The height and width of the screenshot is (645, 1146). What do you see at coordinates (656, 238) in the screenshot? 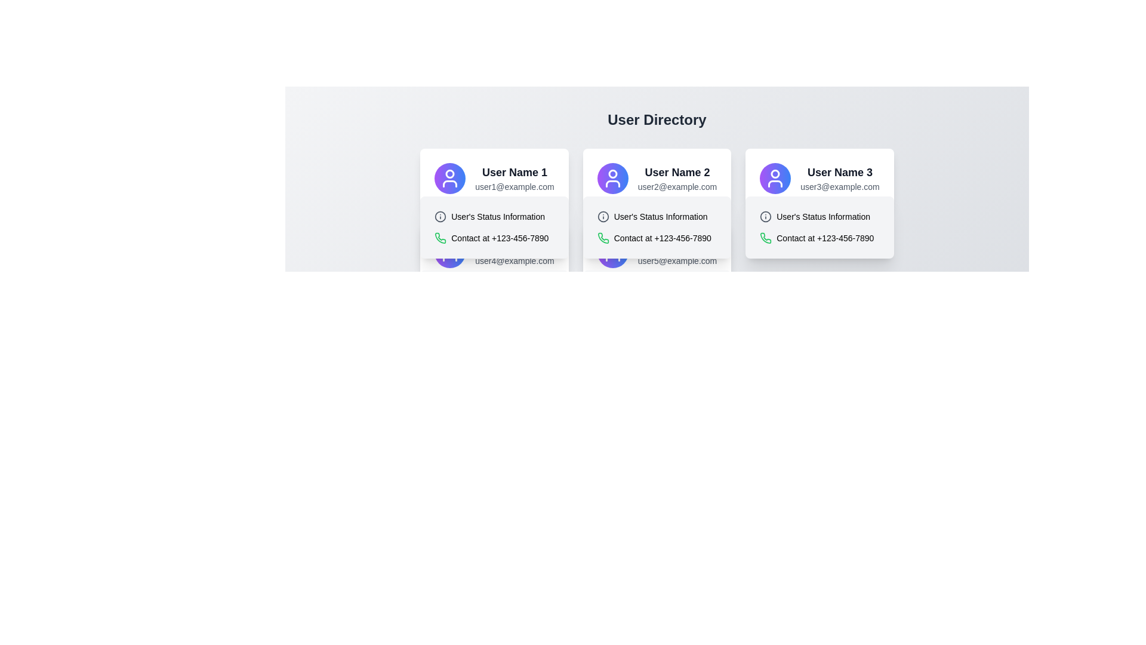
I see `the Contact Information Display located beneath 'User's Status Information' in the user information card` at bounding box center [656, 238].